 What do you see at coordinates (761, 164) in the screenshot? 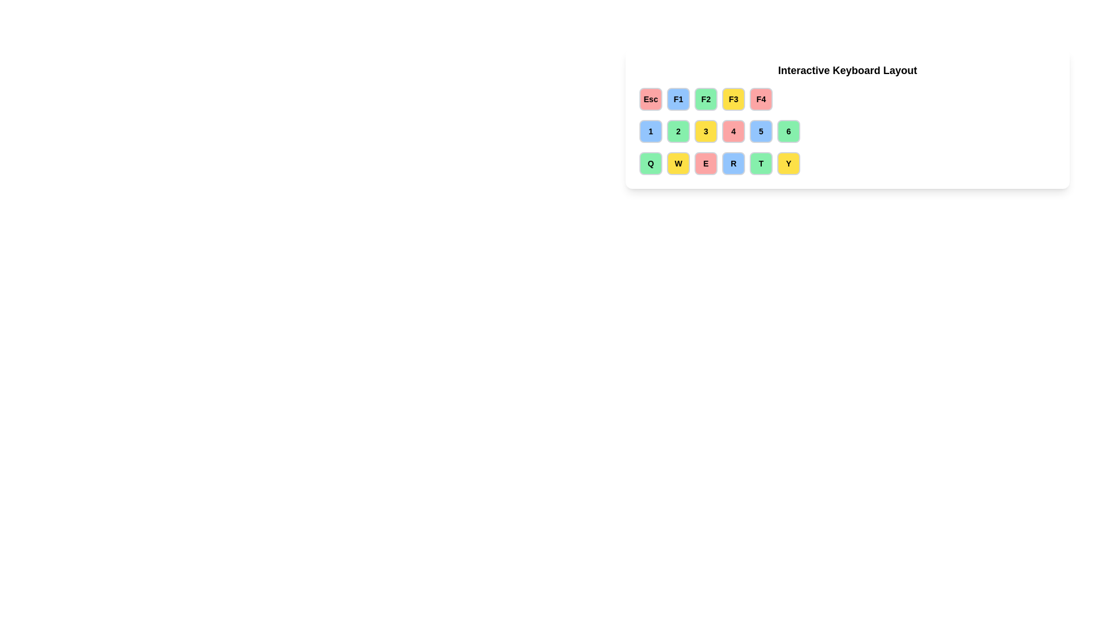
I see `the 'T' key button located in the fifth position from the left in the horizontal row of buttons on the interactive keyboard layout` at bounding box center [761, 164].